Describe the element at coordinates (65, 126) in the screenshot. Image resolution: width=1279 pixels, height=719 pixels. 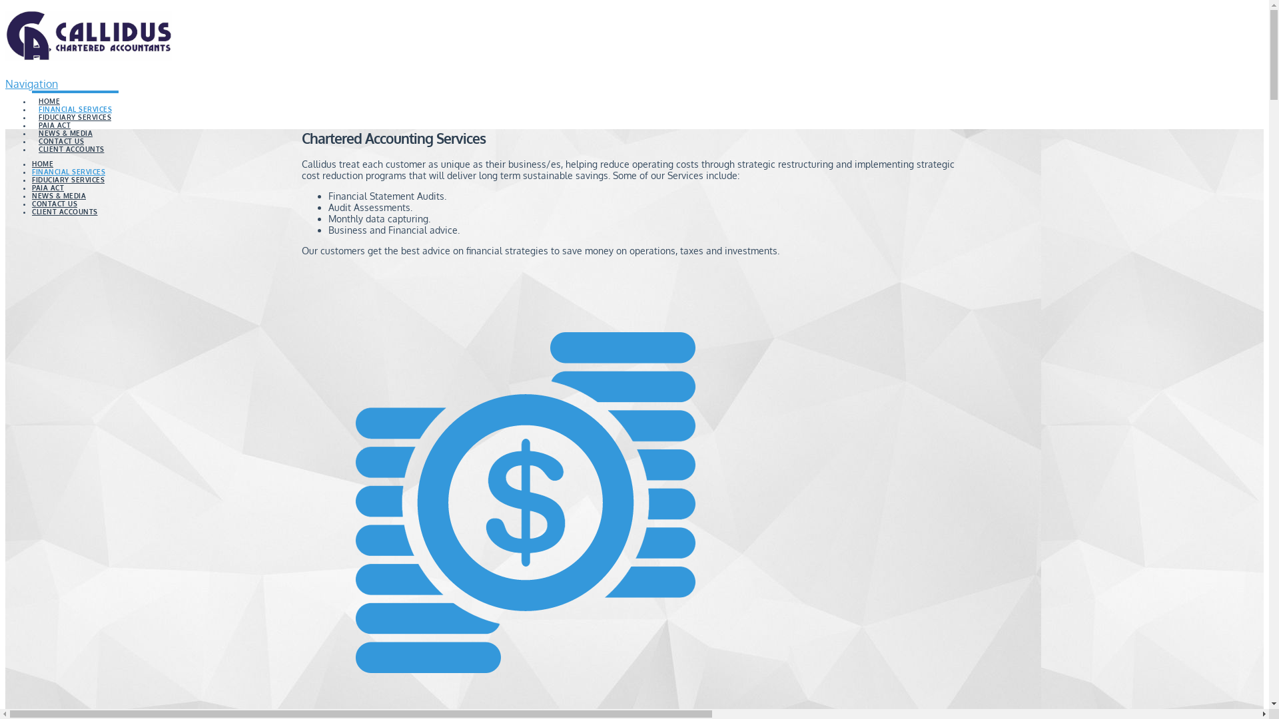
I see `'NEWS & MEDIA'` at that location.